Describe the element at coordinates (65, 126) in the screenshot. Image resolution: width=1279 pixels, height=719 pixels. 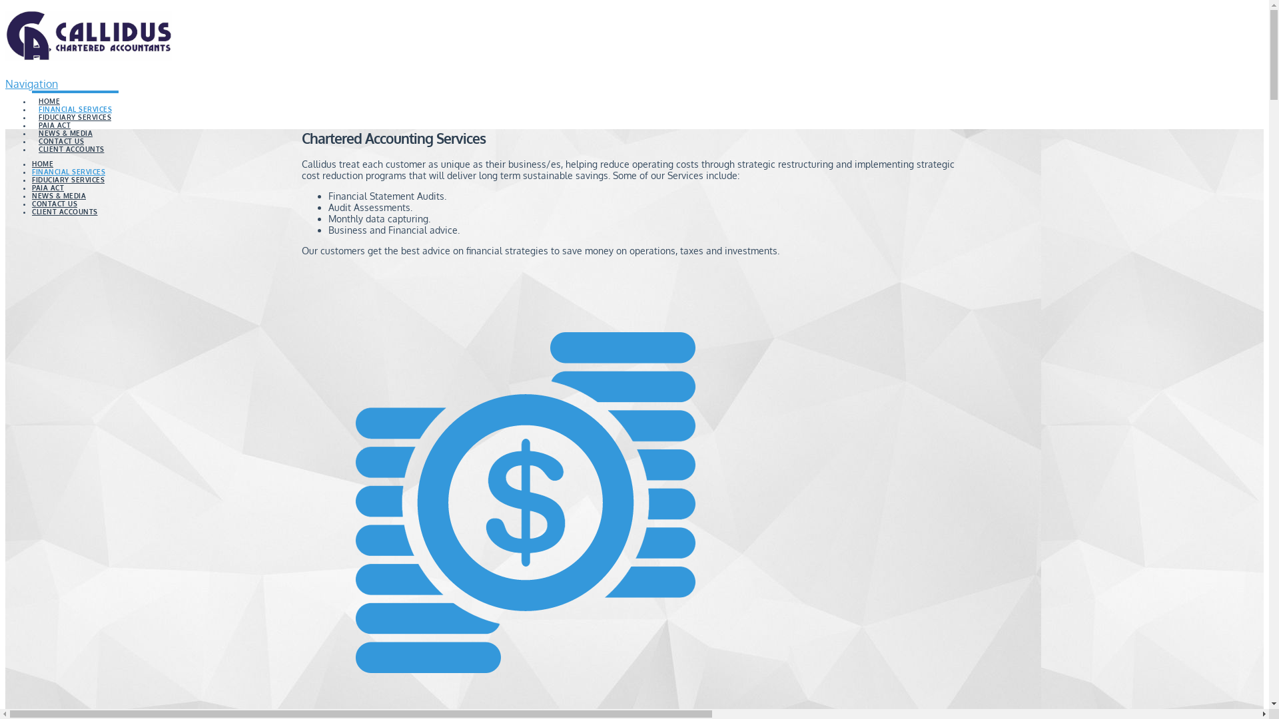
I see `'NEWS & MEDIA'` at that location.